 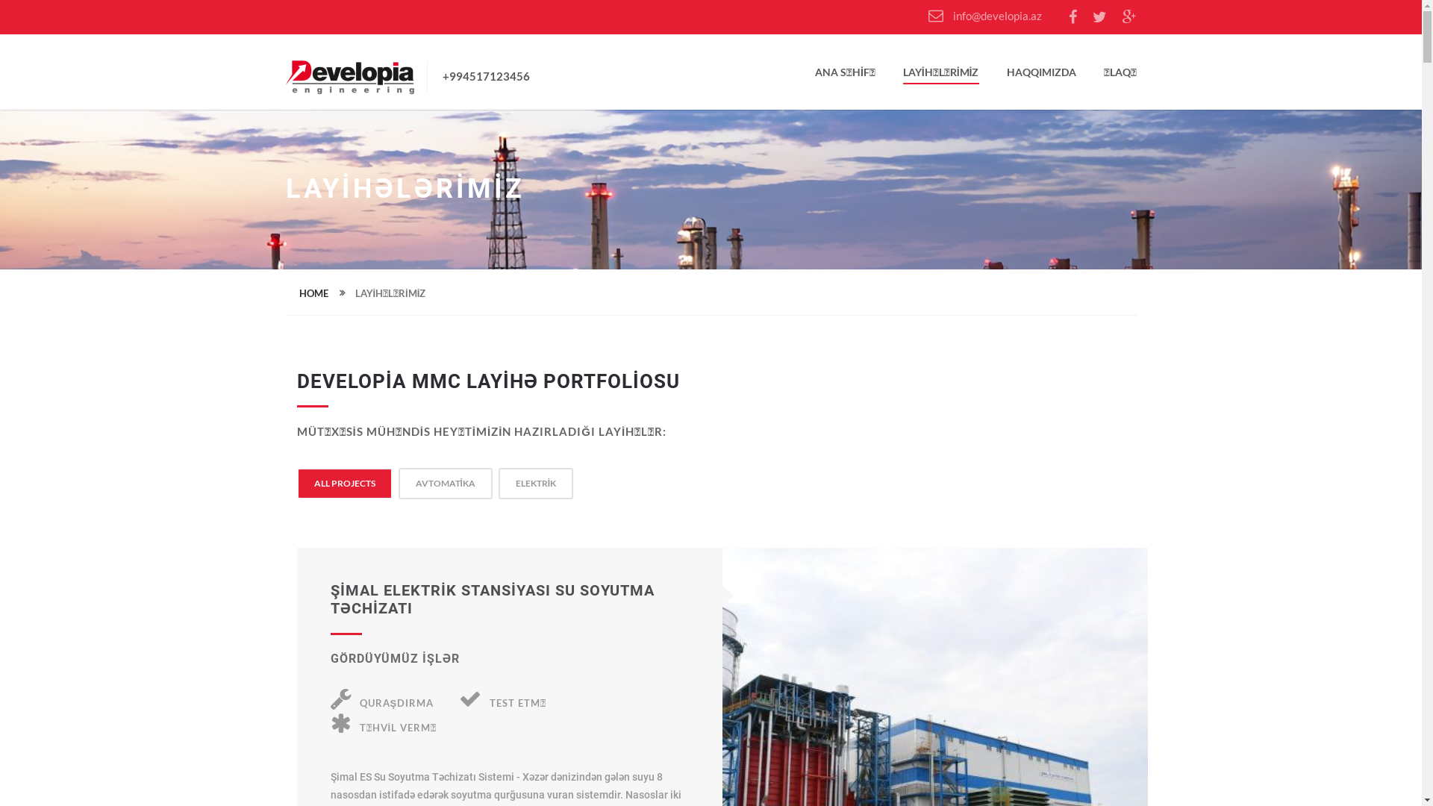 What do you see at coordinates (927, 15) in the screenshot?
I see `'info@developia.az'` at bounding box center [927, 15].